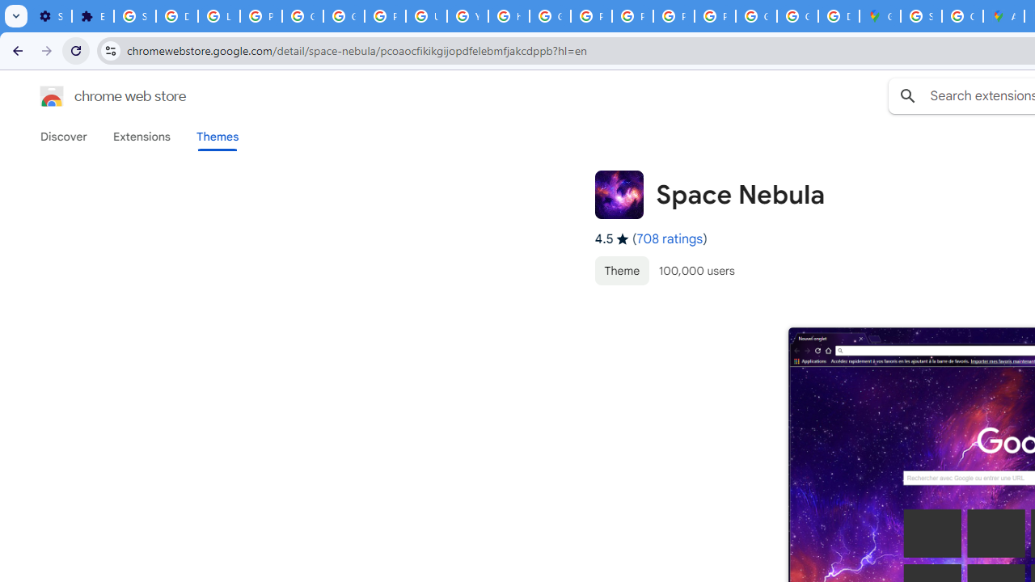 This screenshot has height=582, width=1035. I want to click on 'YouTube', so click(467, 16).